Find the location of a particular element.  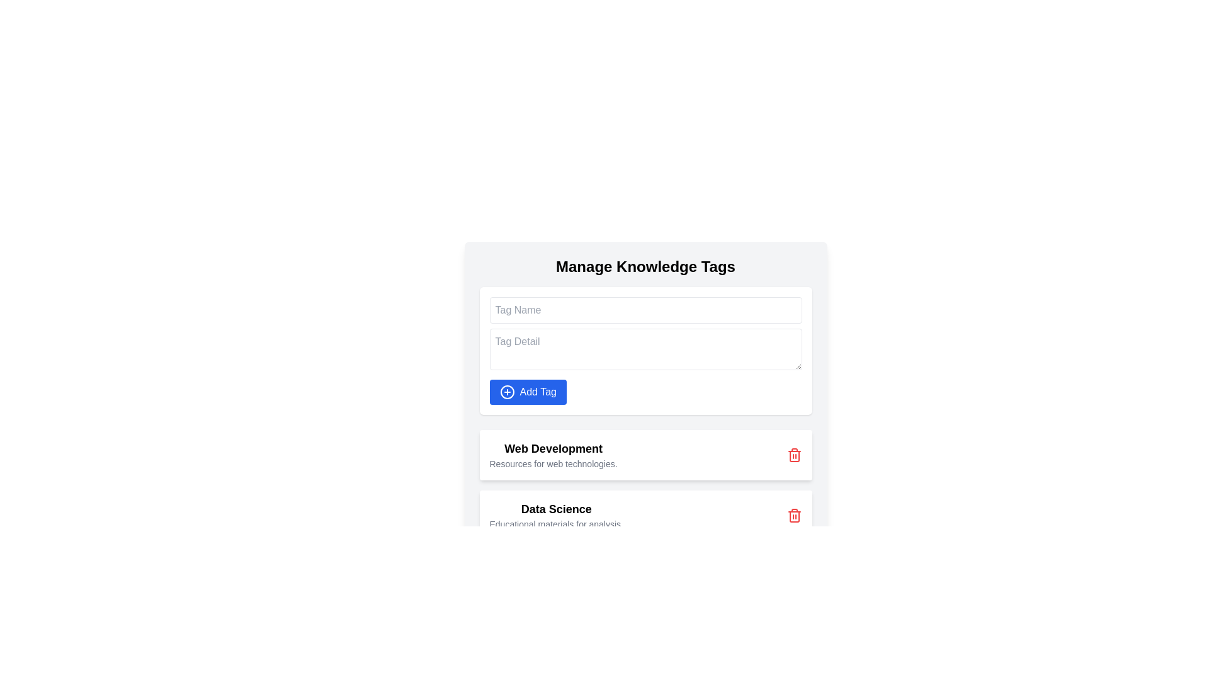

the red trash can icon button located adjacent to the 'Web Development' text is located at coordinates (793, 455).